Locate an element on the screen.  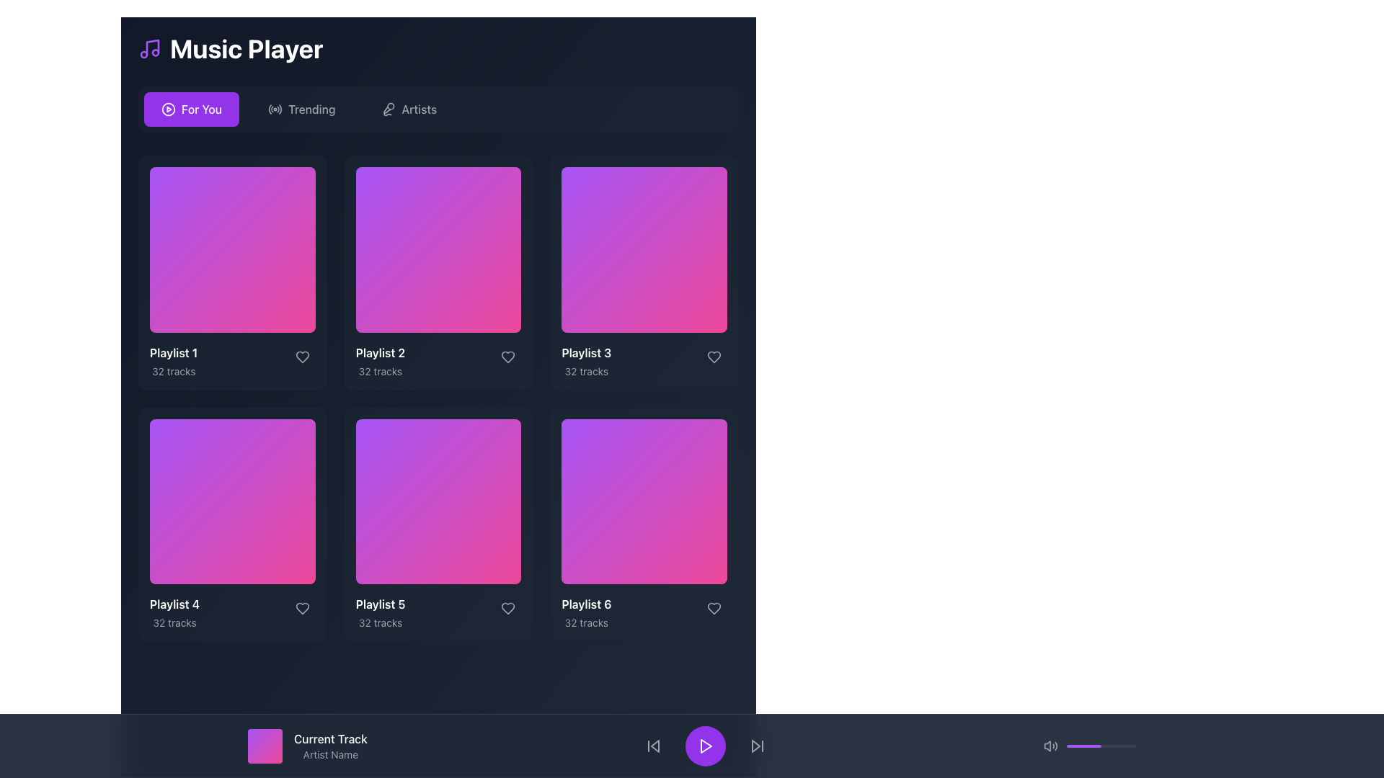
the 'like' button located to the right of the '32 tracks' text within the 'Playlist 2' card to mark it as a favorite is located at coordinates (508, 357).